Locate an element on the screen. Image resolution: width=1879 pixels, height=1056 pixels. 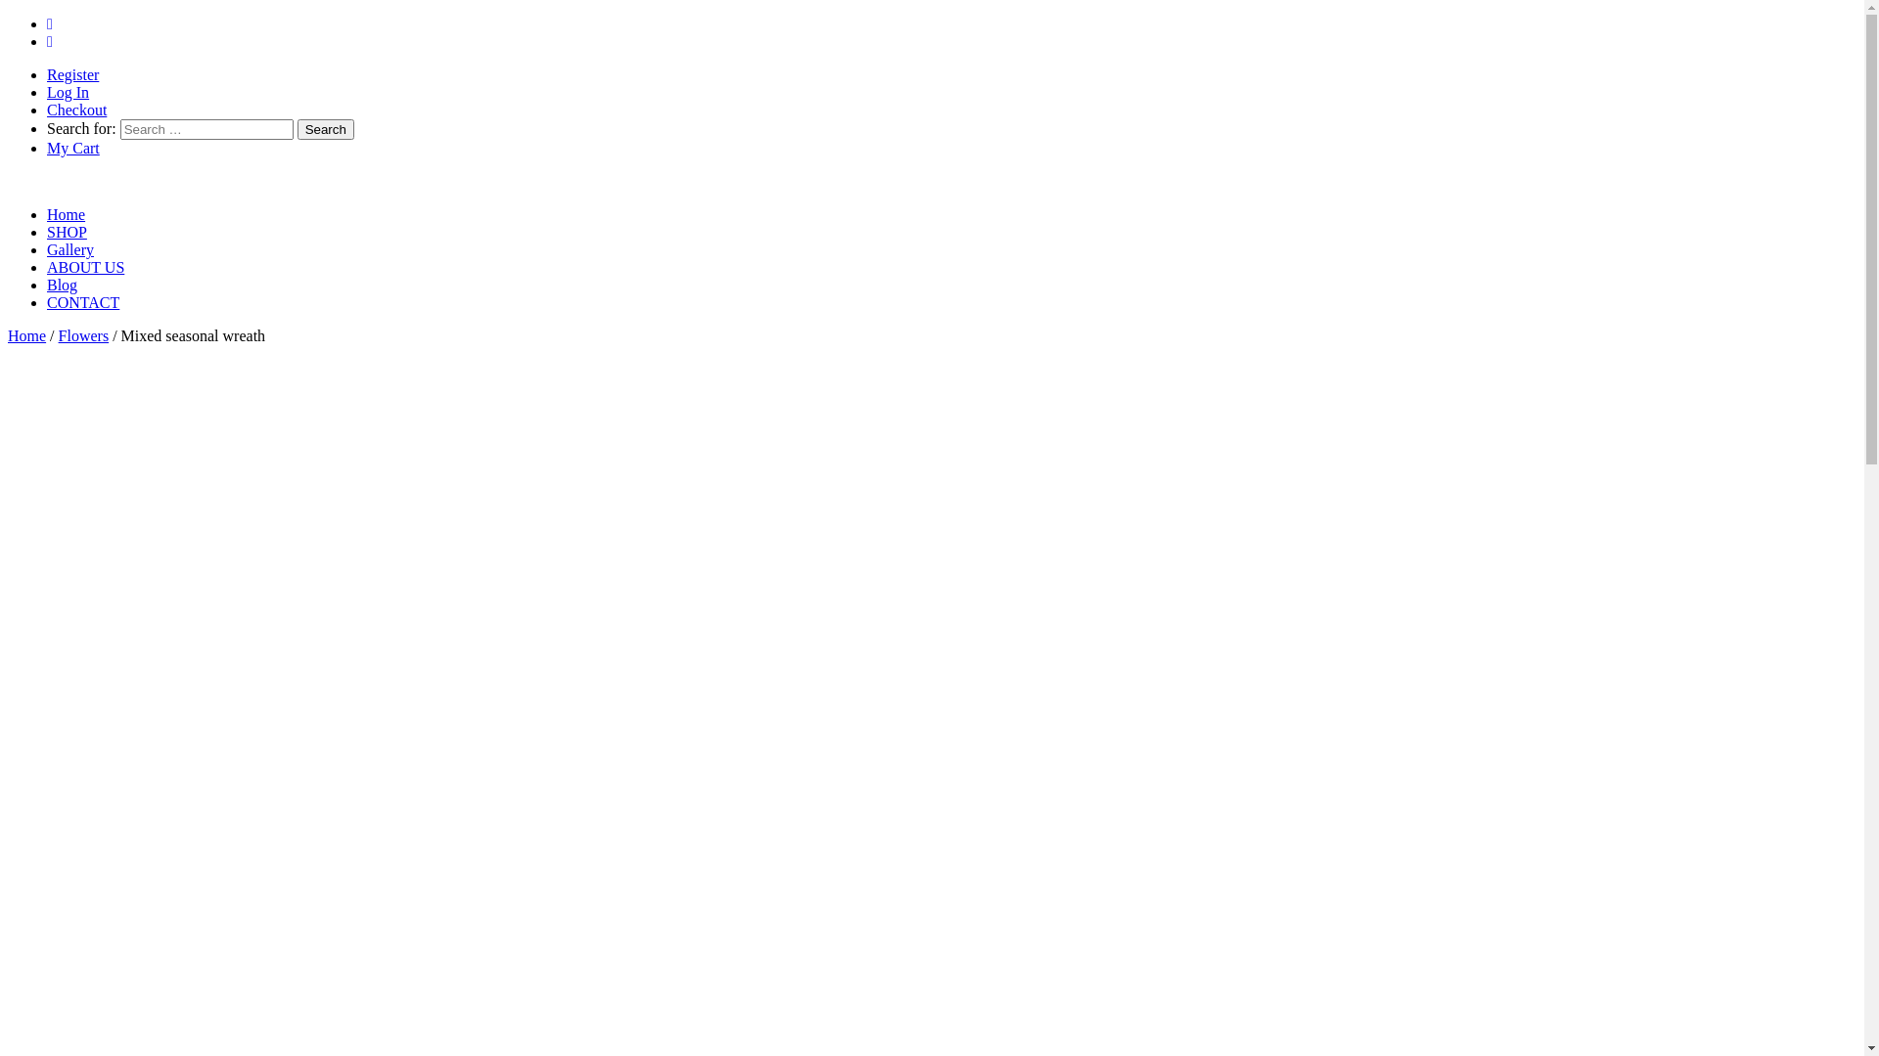
'Search' is located at coordinates (325, 129).